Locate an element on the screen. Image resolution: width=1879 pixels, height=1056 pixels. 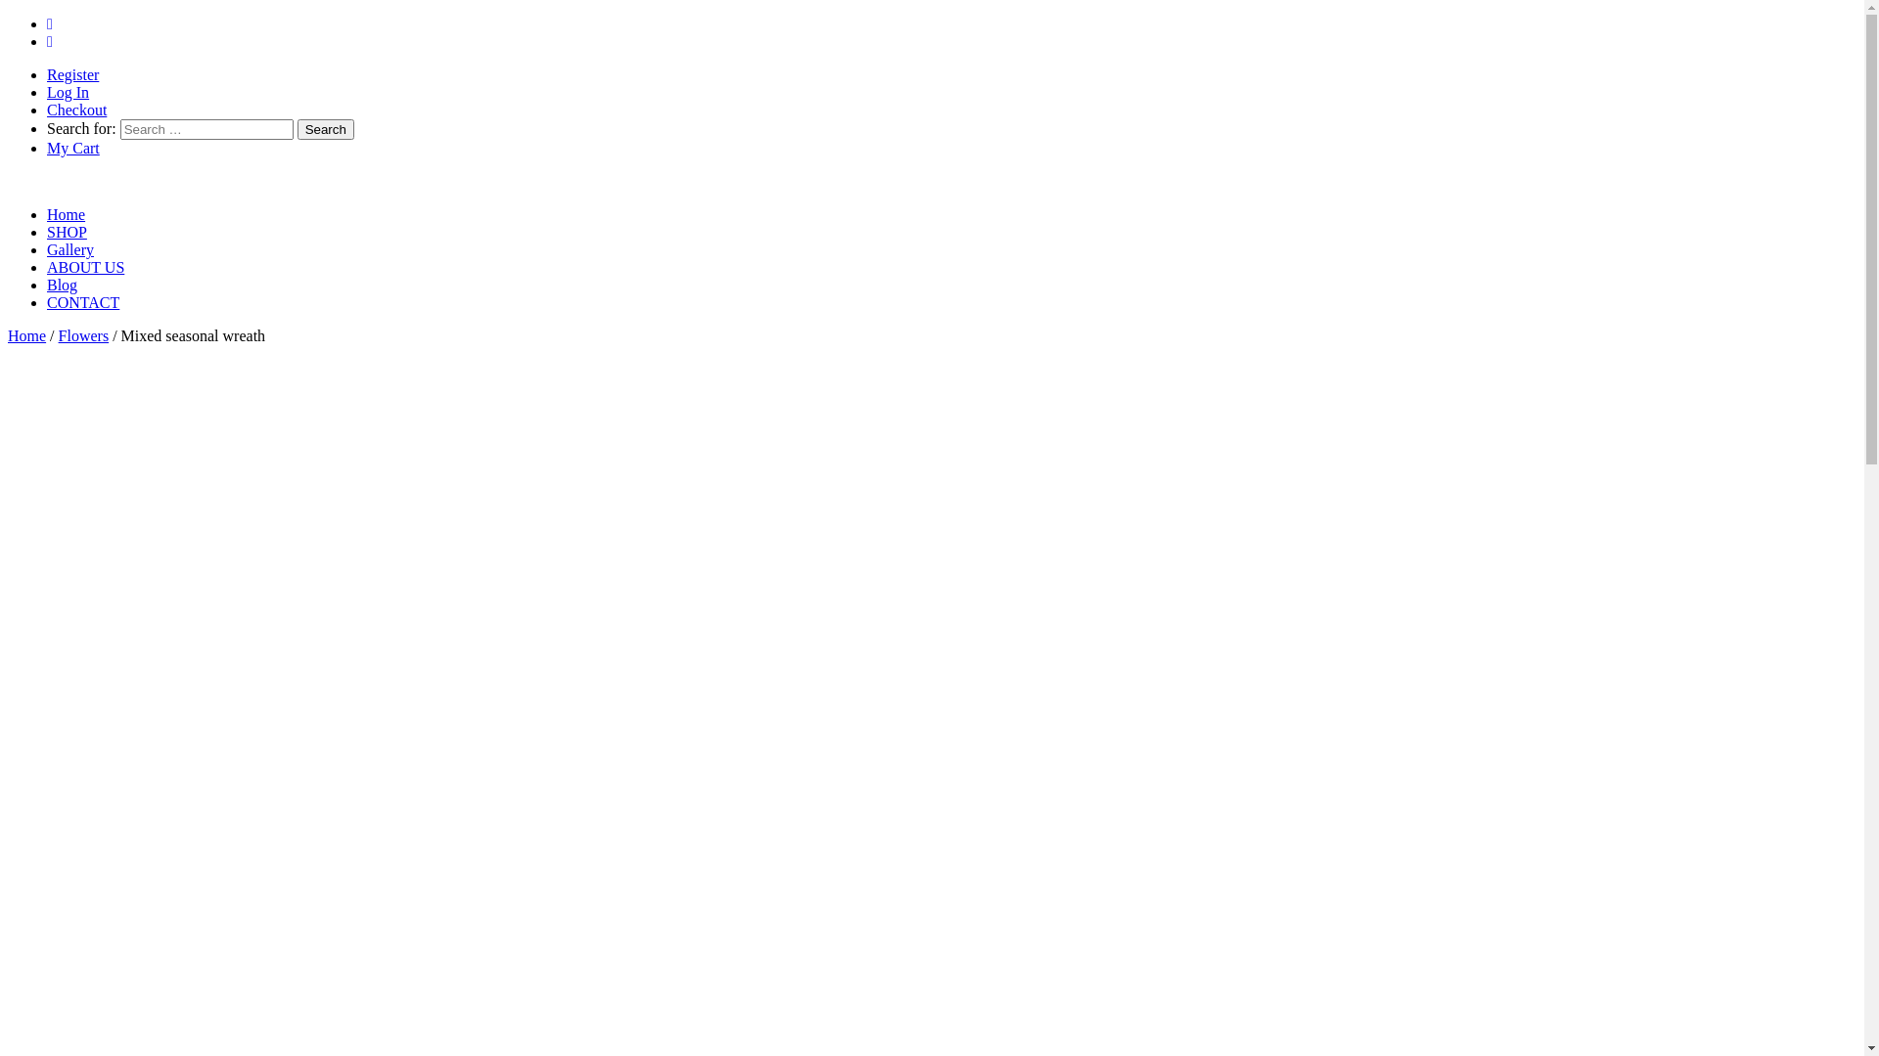
'Search' is located at coordinates (325, 129).